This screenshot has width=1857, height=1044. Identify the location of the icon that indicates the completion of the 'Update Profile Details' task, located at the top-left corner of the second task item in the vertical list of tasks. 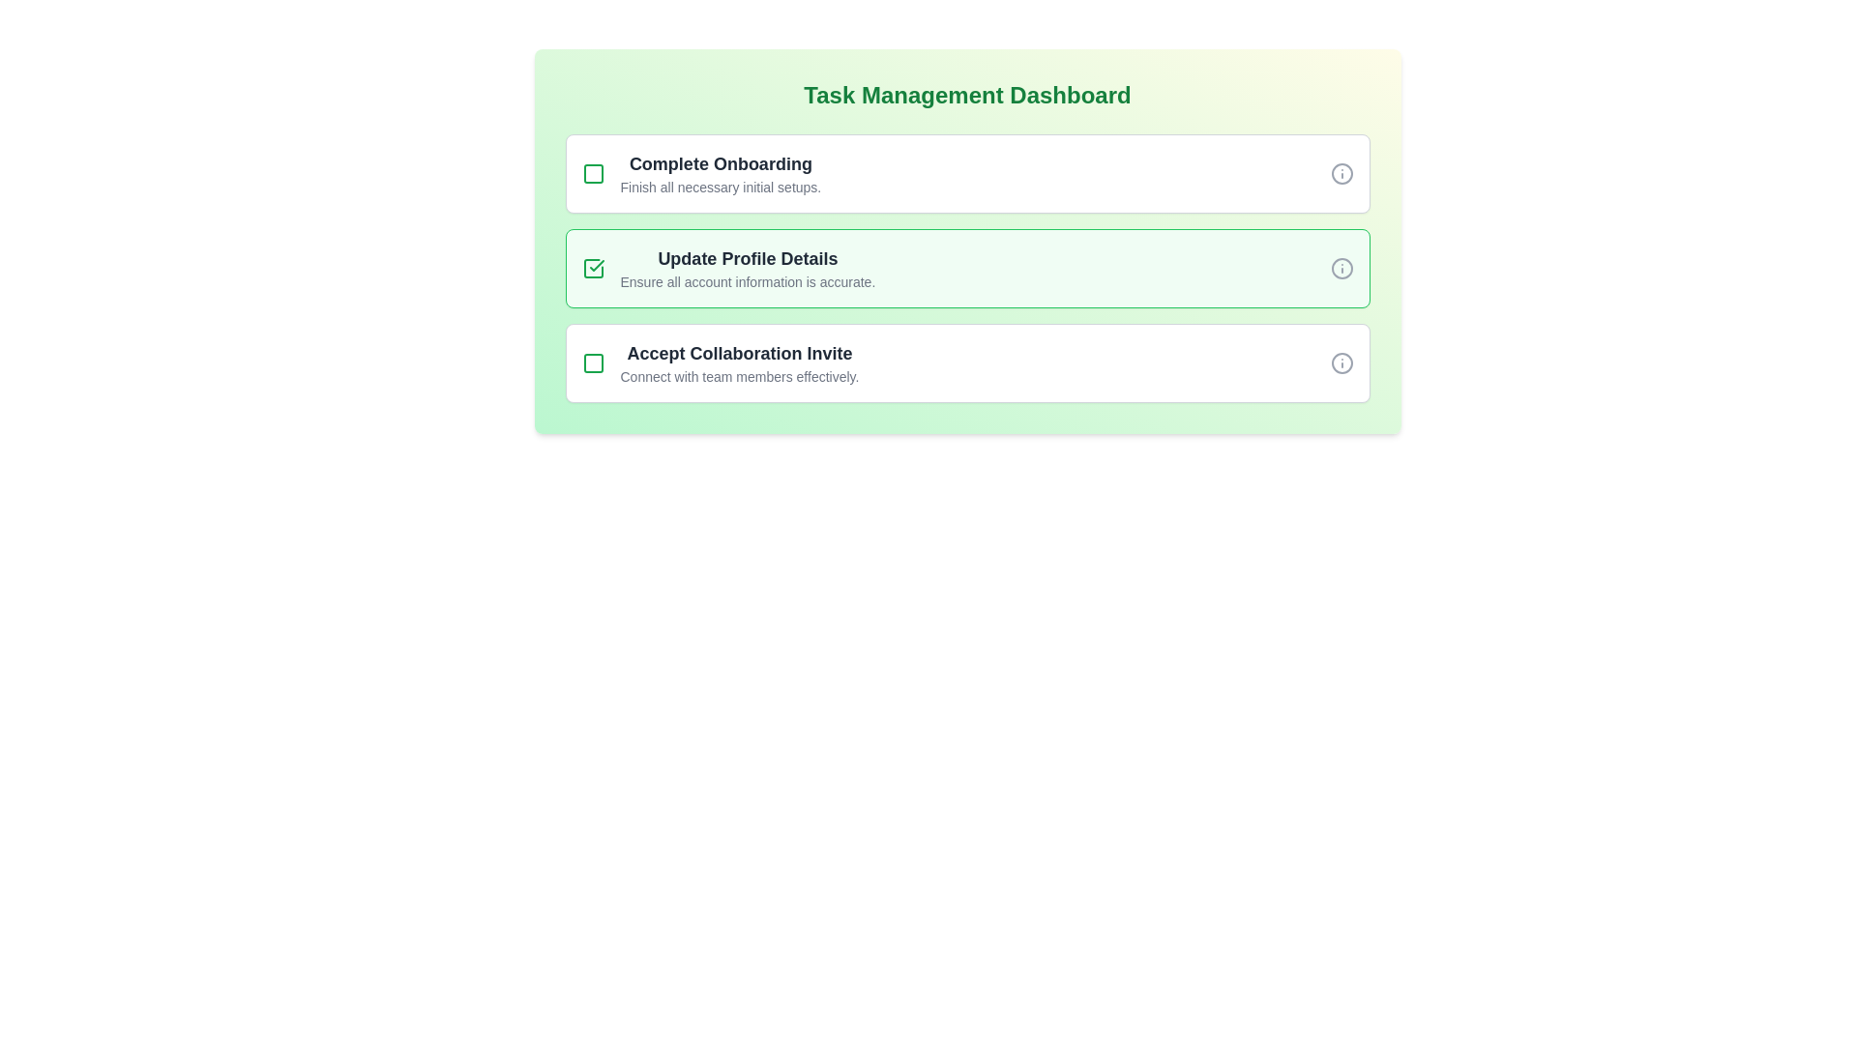
(592, 268).